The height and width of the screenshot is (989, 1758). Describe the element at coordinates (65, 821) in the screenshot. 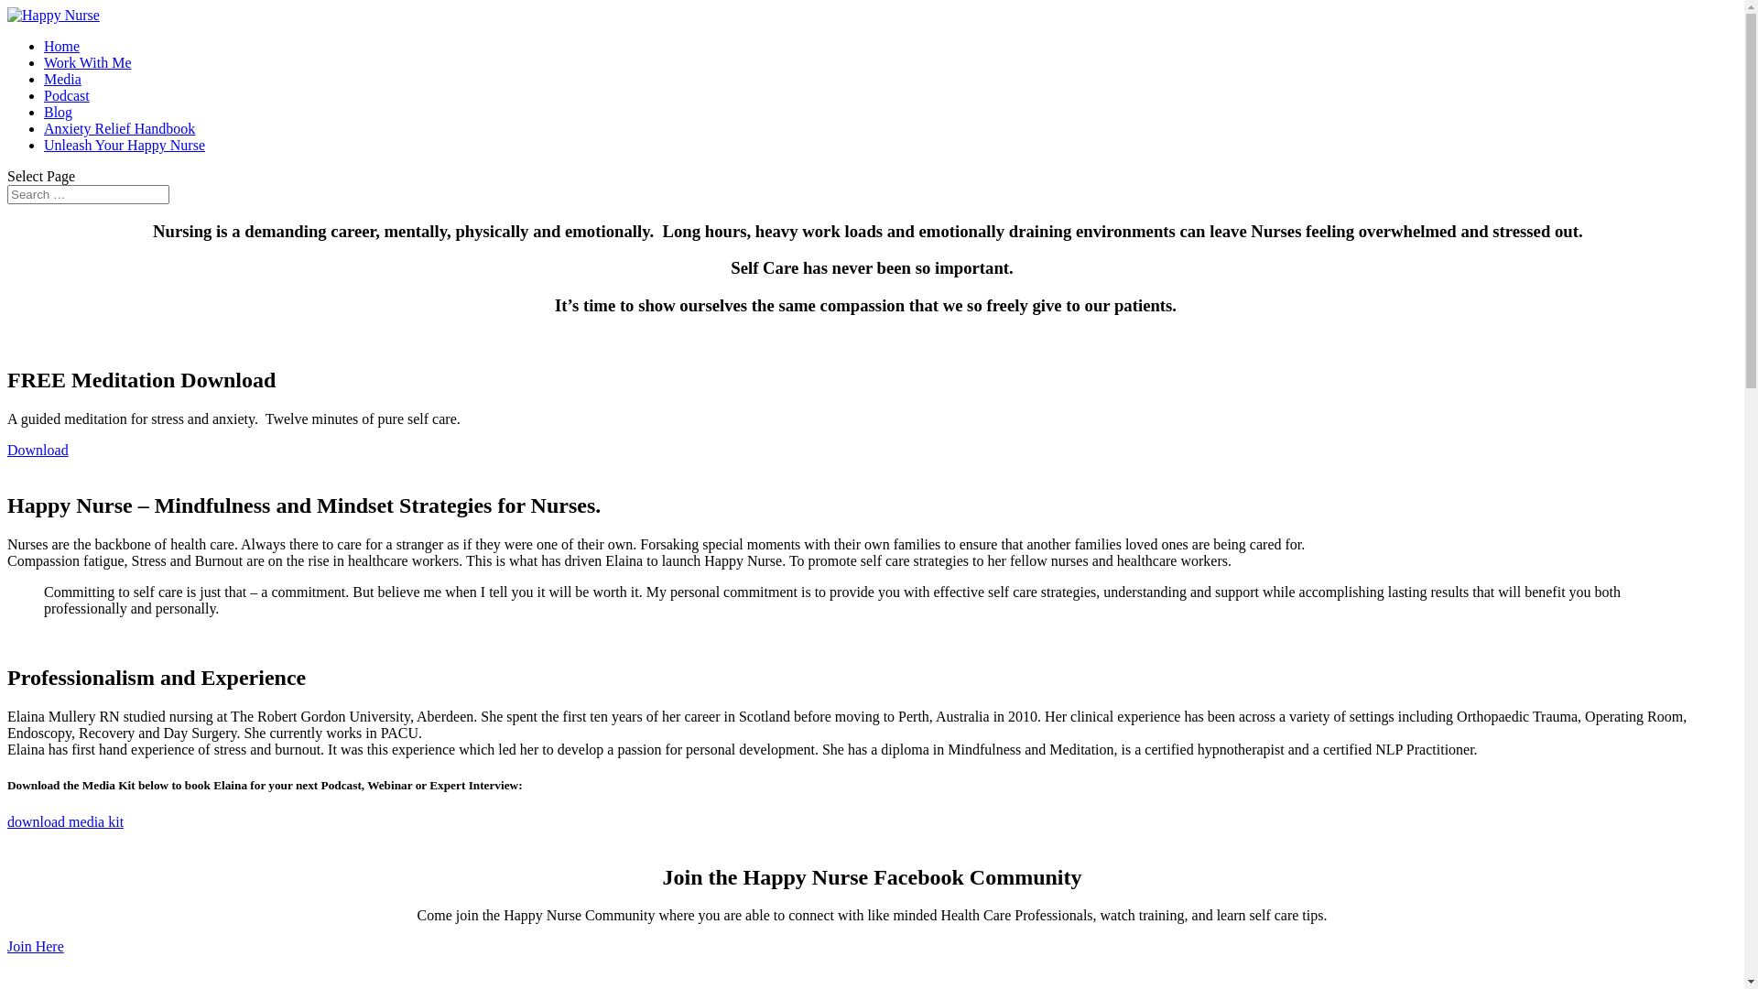

I see `'download media kit'` at that location.